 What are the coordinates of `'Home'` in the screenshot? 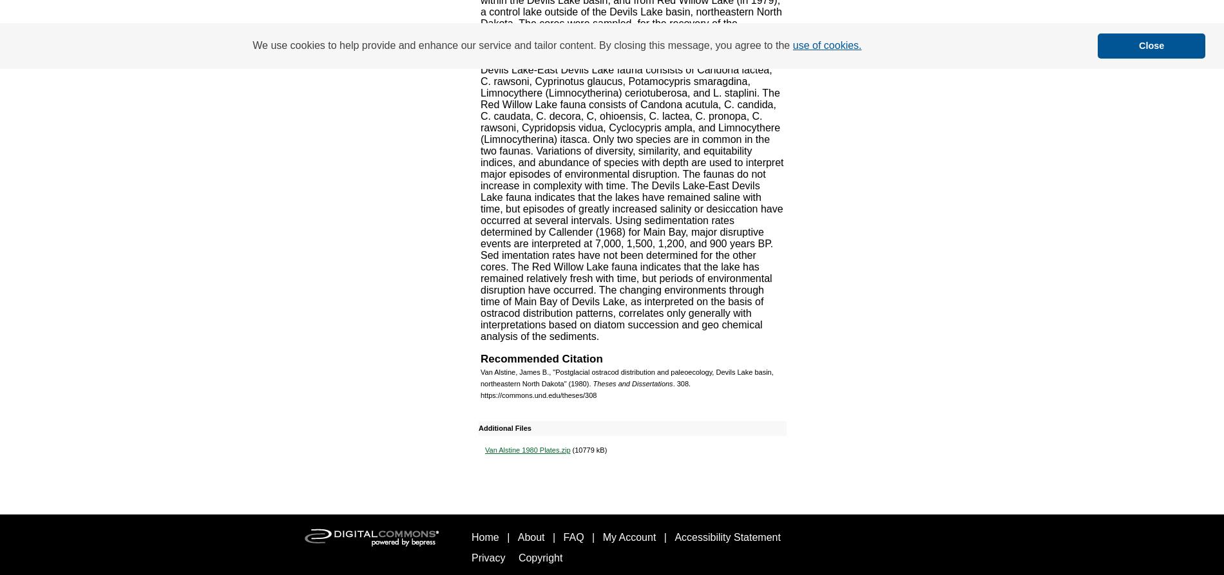 It's located at (484, 536).